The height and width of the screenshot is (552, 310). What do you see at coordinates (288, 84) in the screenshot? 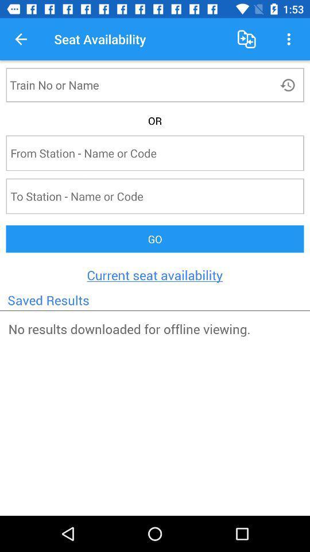
I see `the history icon` at bounding box center [288, 84].